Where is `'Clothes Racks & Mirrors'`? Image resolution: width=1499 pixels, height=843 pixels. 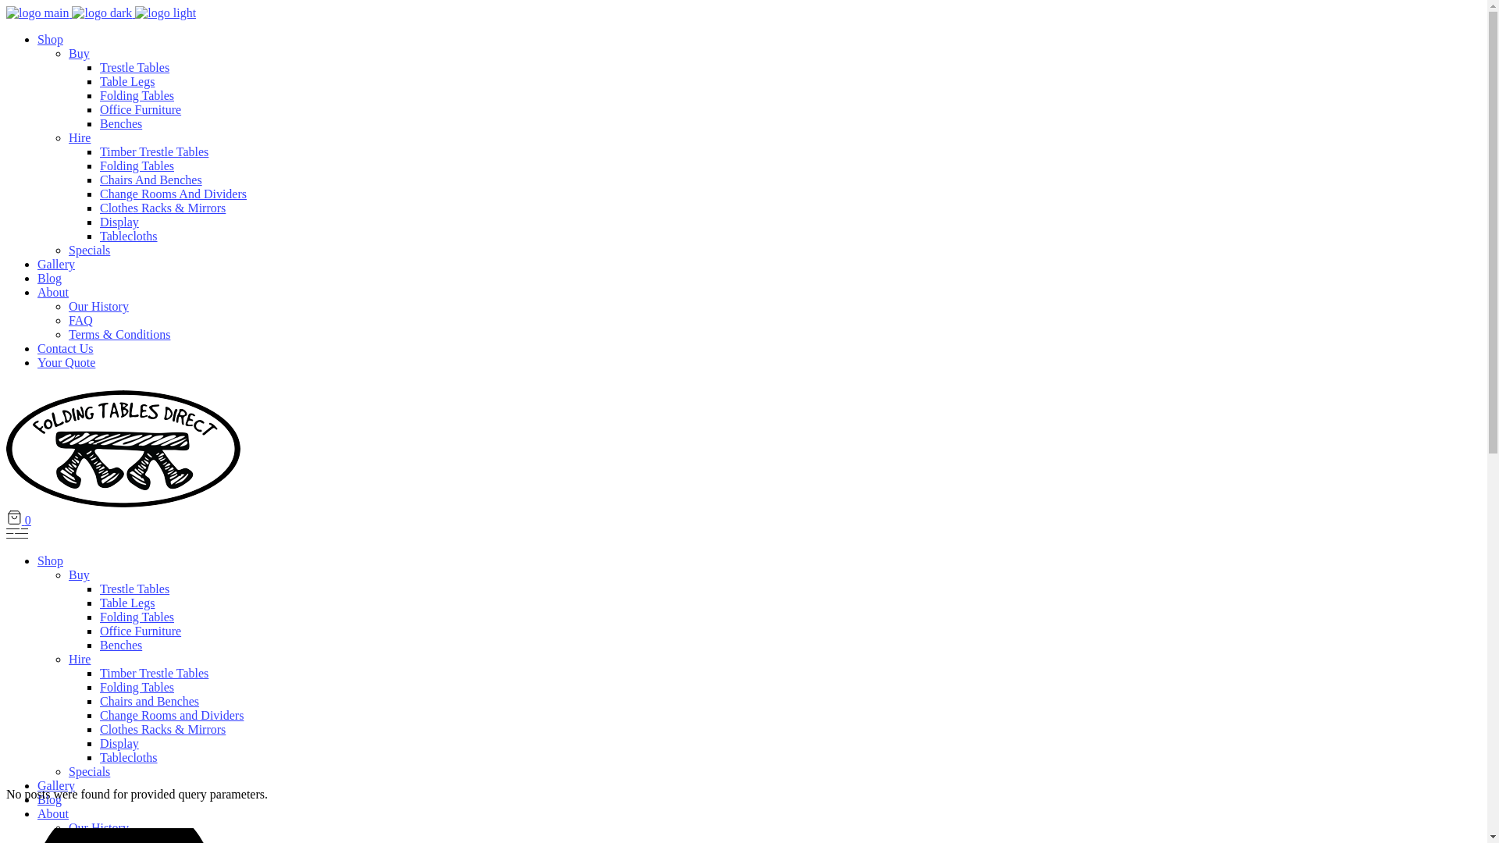 'Clothes Racks & Mirrors' is located at coordinates (162, 207).